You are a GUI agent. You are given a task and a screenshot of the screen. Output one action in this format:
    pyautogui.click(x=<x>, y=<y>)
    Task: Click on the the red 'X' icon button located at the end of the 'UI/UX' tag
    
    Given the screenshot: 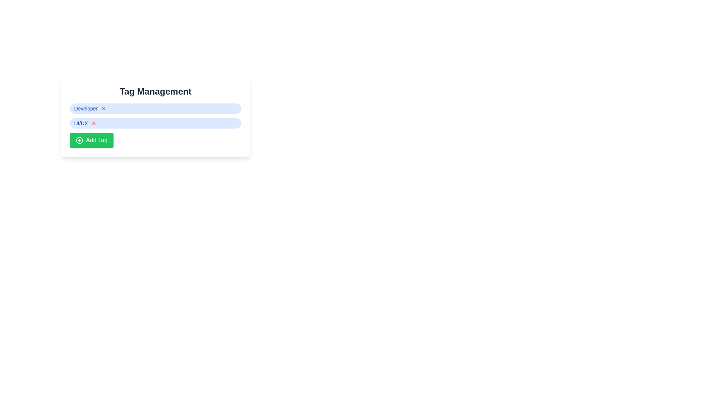 What is the action you would take?
    pyautogui.click(x=93, y=123)
    